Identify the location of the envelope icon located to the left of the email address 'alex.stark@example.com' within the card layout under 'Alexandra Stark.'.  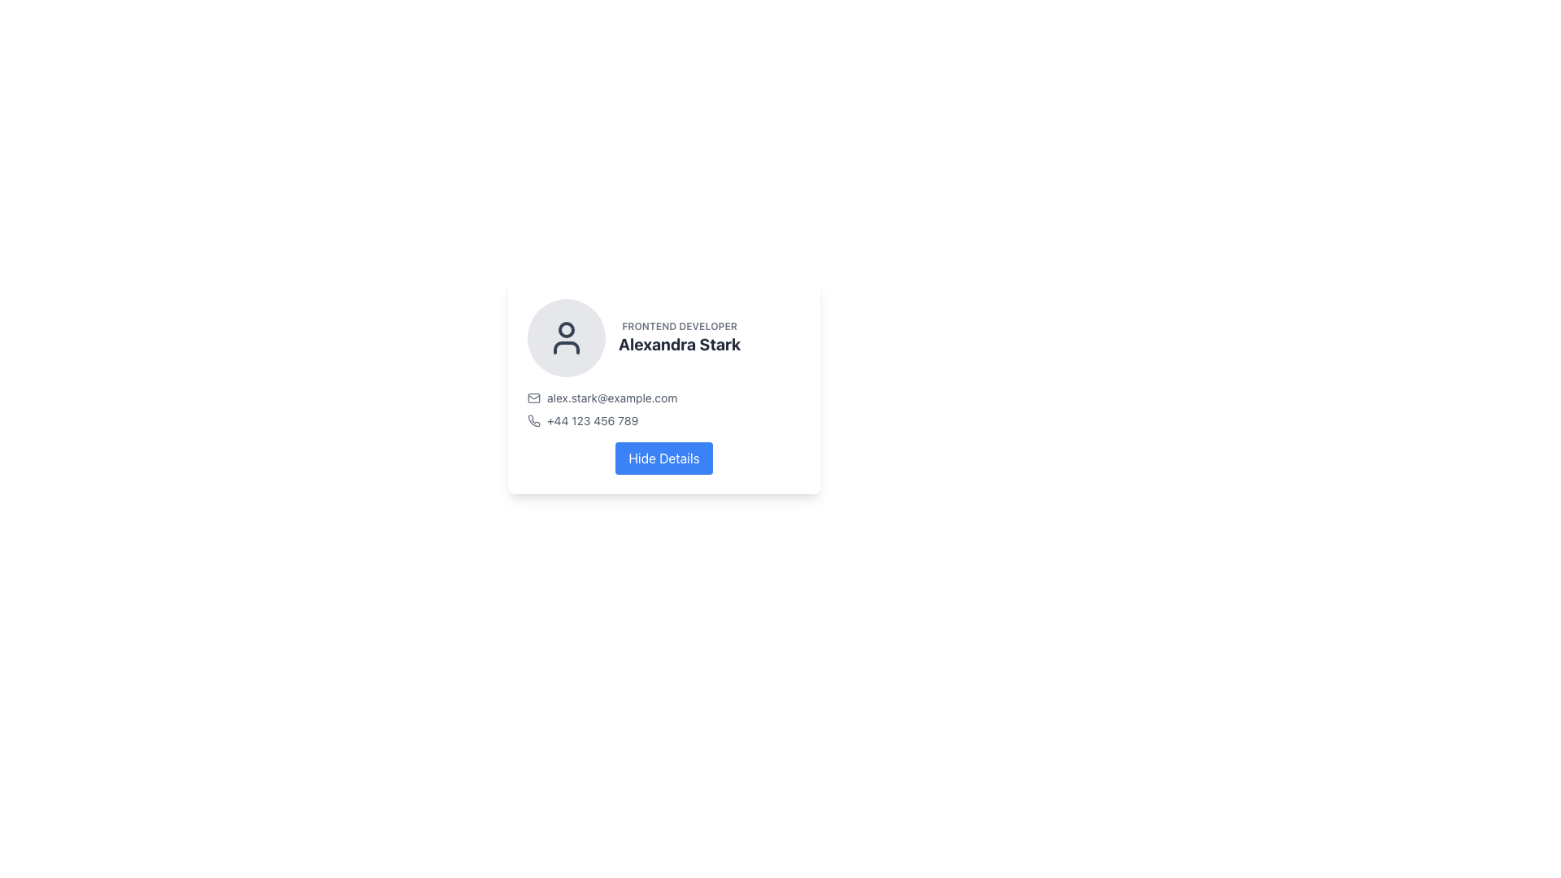
(534, 398).